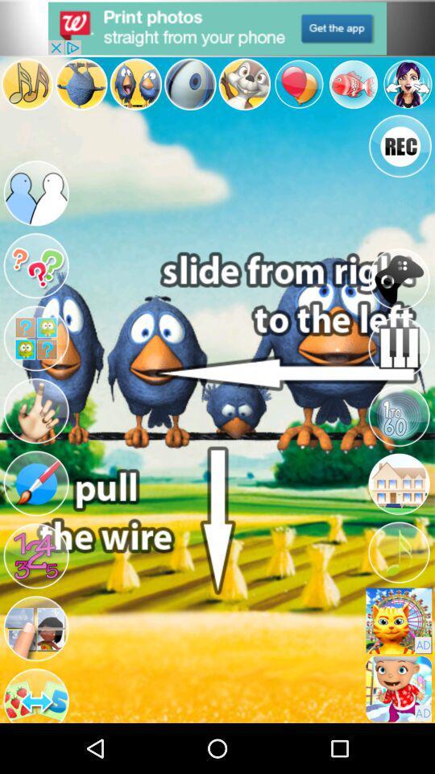 This screenshot has height=774, width=435. Describe the element at coordinates (35, 338) in the screenshot. I see `more content` at that location.